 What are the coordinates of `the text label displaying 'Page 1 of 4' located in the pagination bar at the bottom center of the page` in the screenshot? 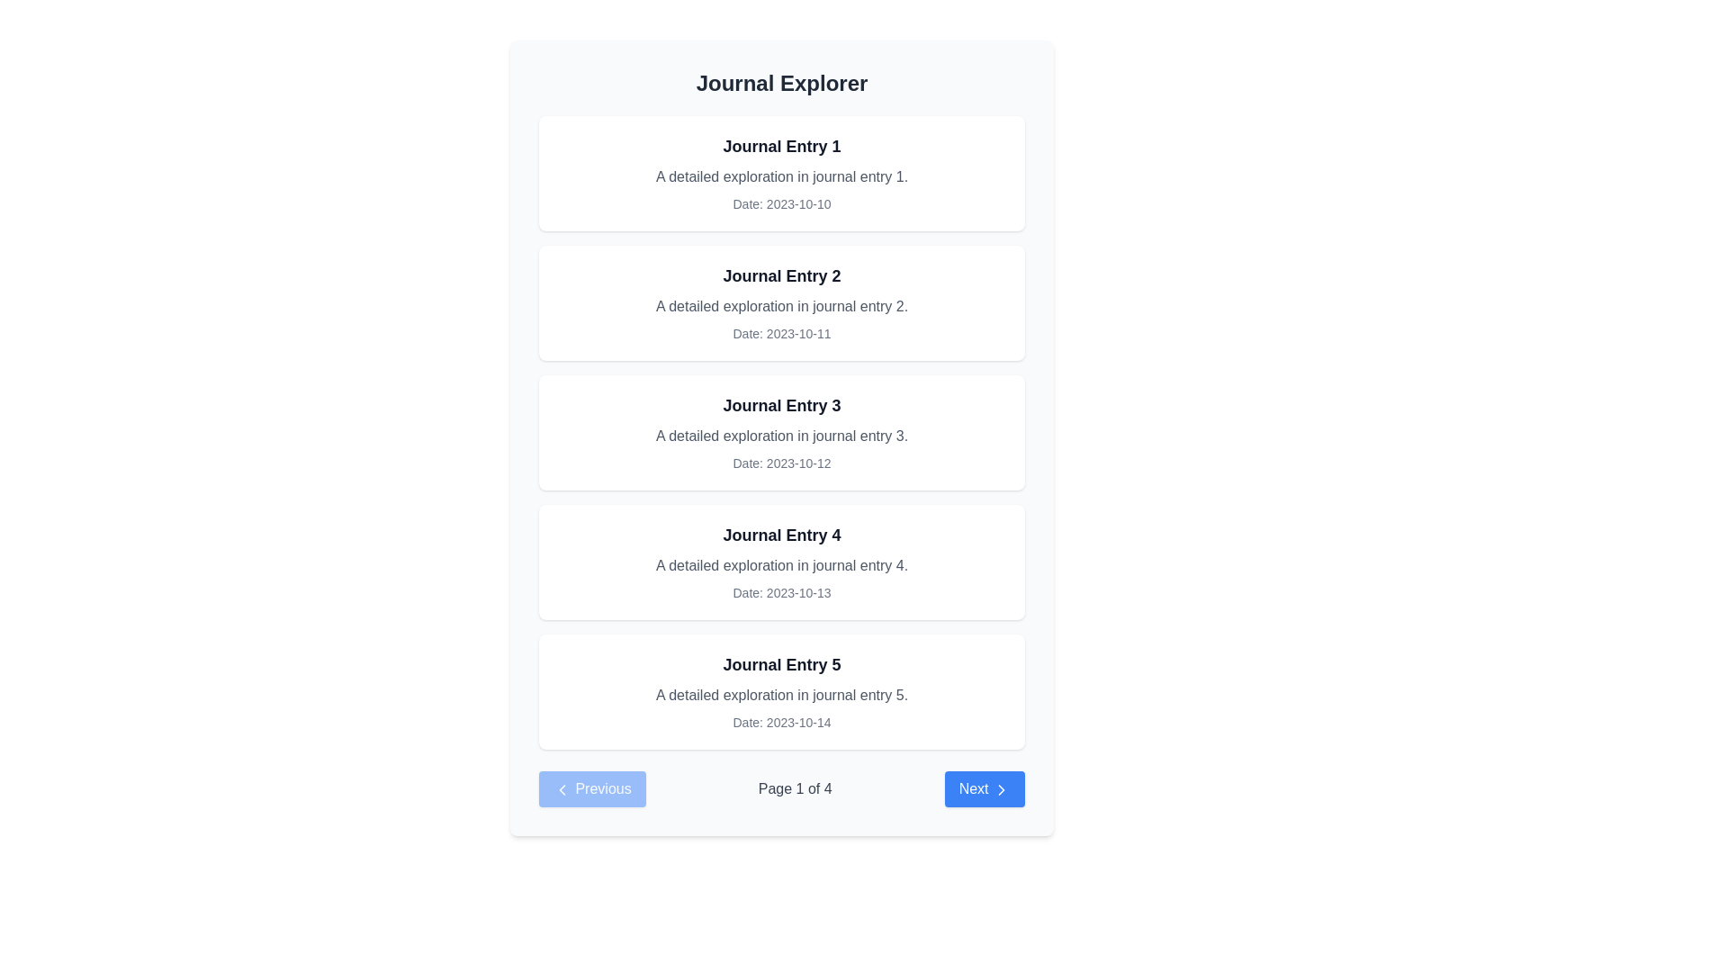 It's located at (794, 787).